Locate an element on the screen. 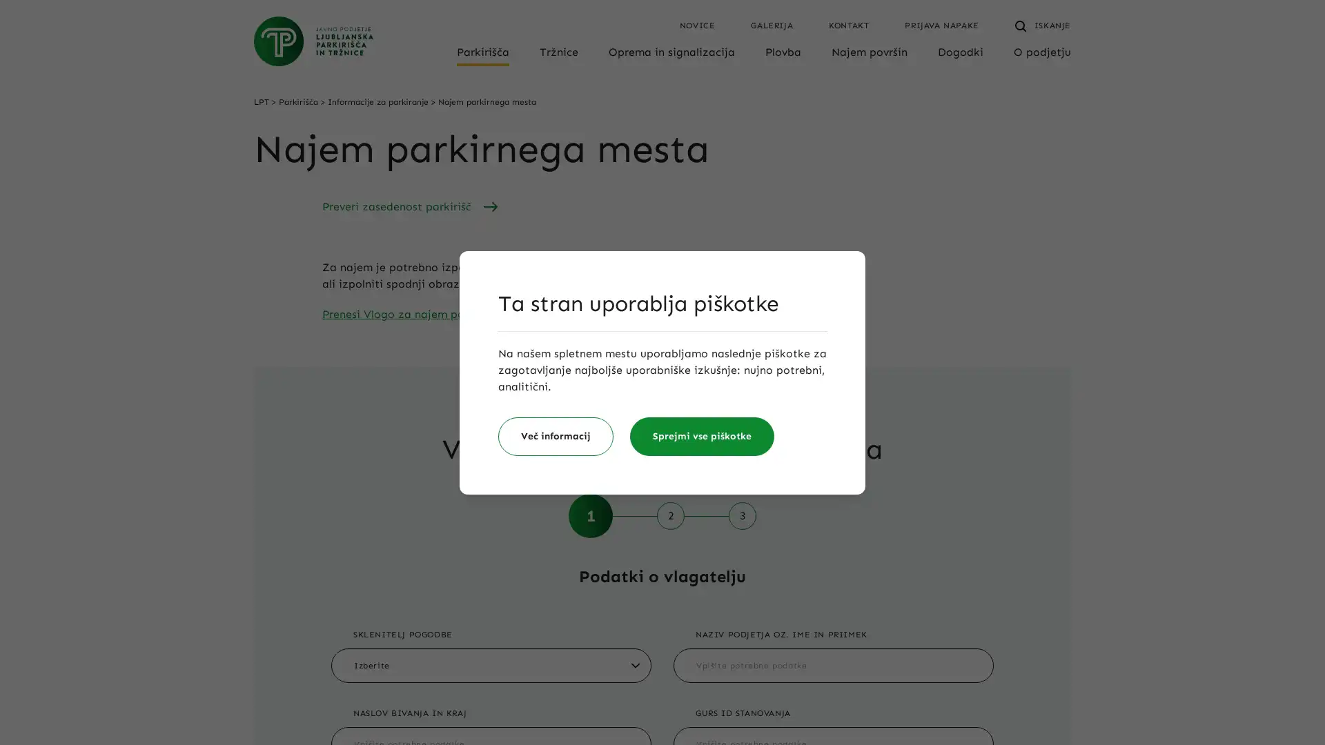  Sprejmi vse piskotke is located at coordinates (702, 436).